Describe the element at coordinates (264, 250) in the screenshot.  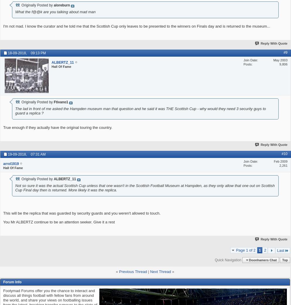
I see `'2'` at that location.